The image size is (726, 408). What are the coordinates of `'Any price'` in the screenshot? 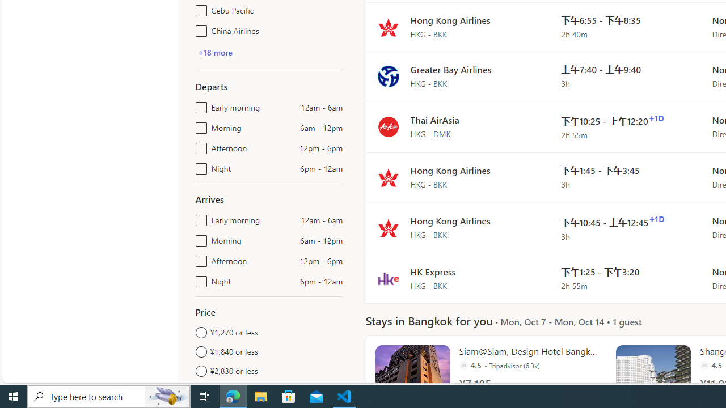 It's located at (268, 389).